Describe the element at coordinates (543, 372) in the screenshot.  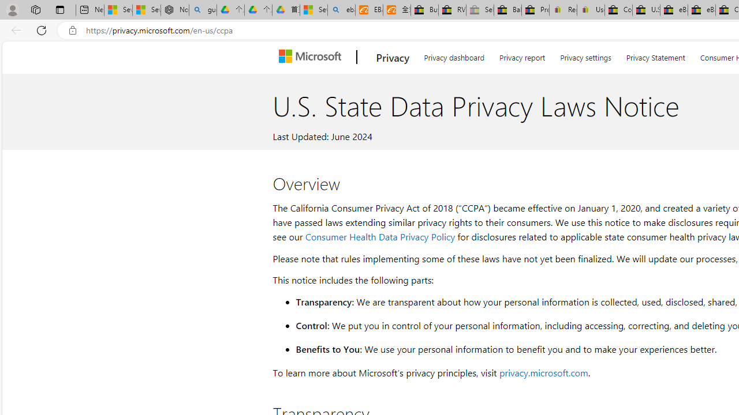
I see `'privacy.microsoft.com'` at that location.